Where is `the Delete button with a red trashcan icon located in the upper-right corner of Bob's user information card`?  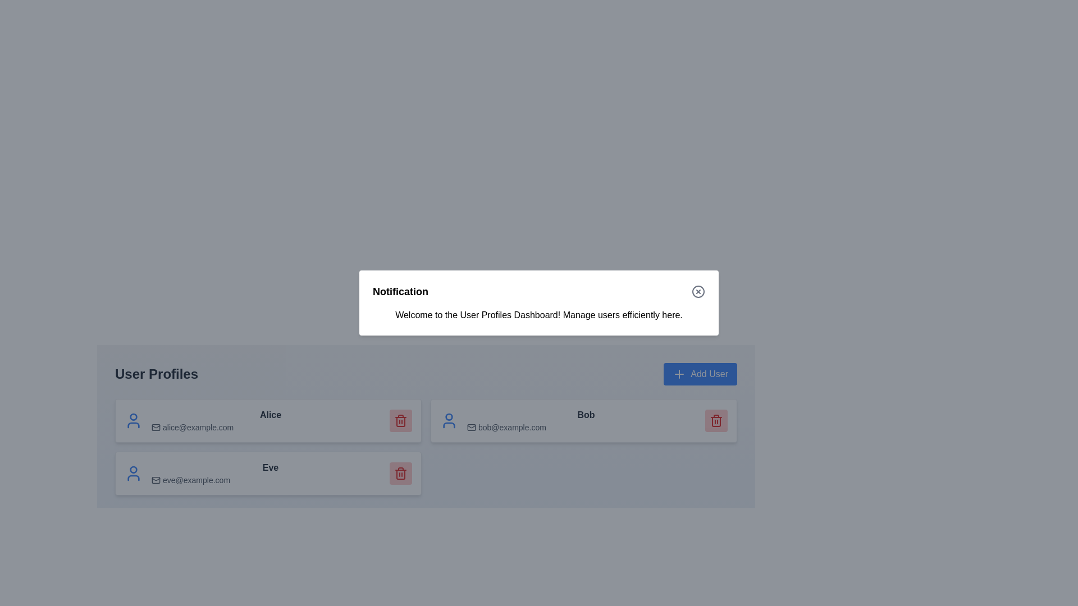
the Delete button with a red trashcan icon located in the upper-right corner of Bob's user information card is located at coordinates (716, 420).